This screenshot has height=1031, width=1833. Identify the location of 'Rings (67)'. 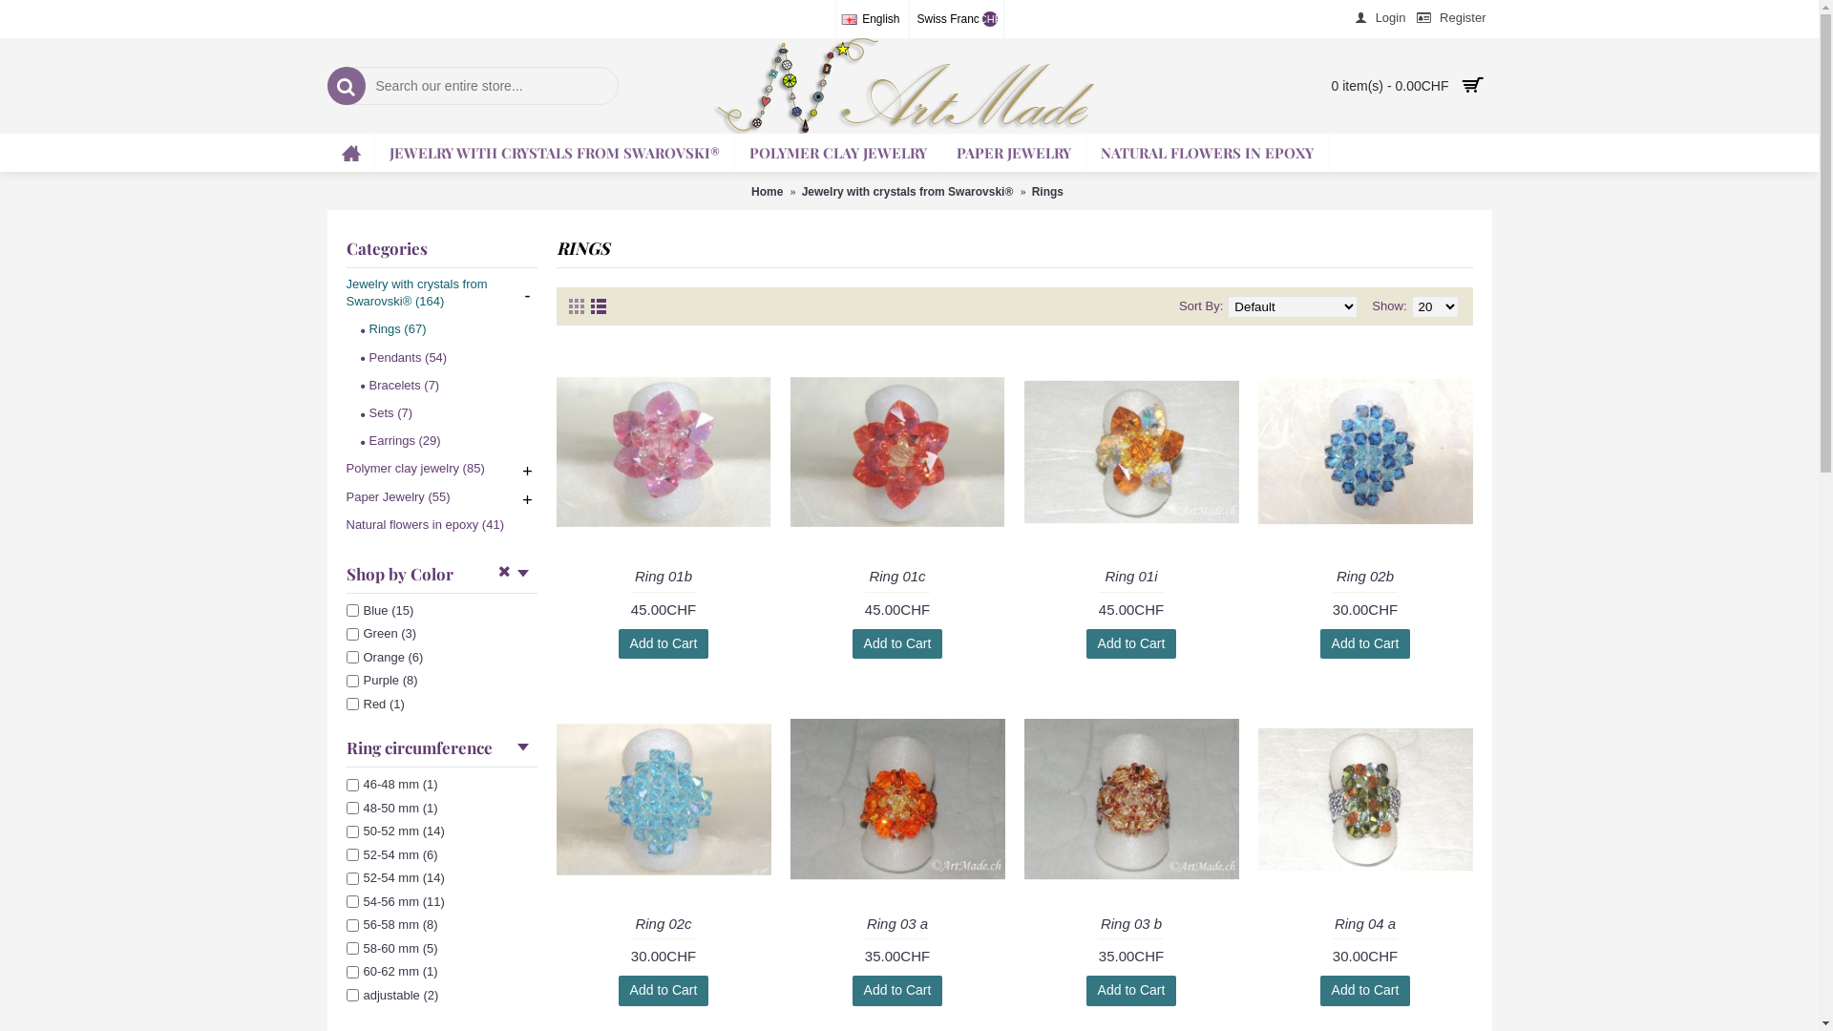
(439, 326).